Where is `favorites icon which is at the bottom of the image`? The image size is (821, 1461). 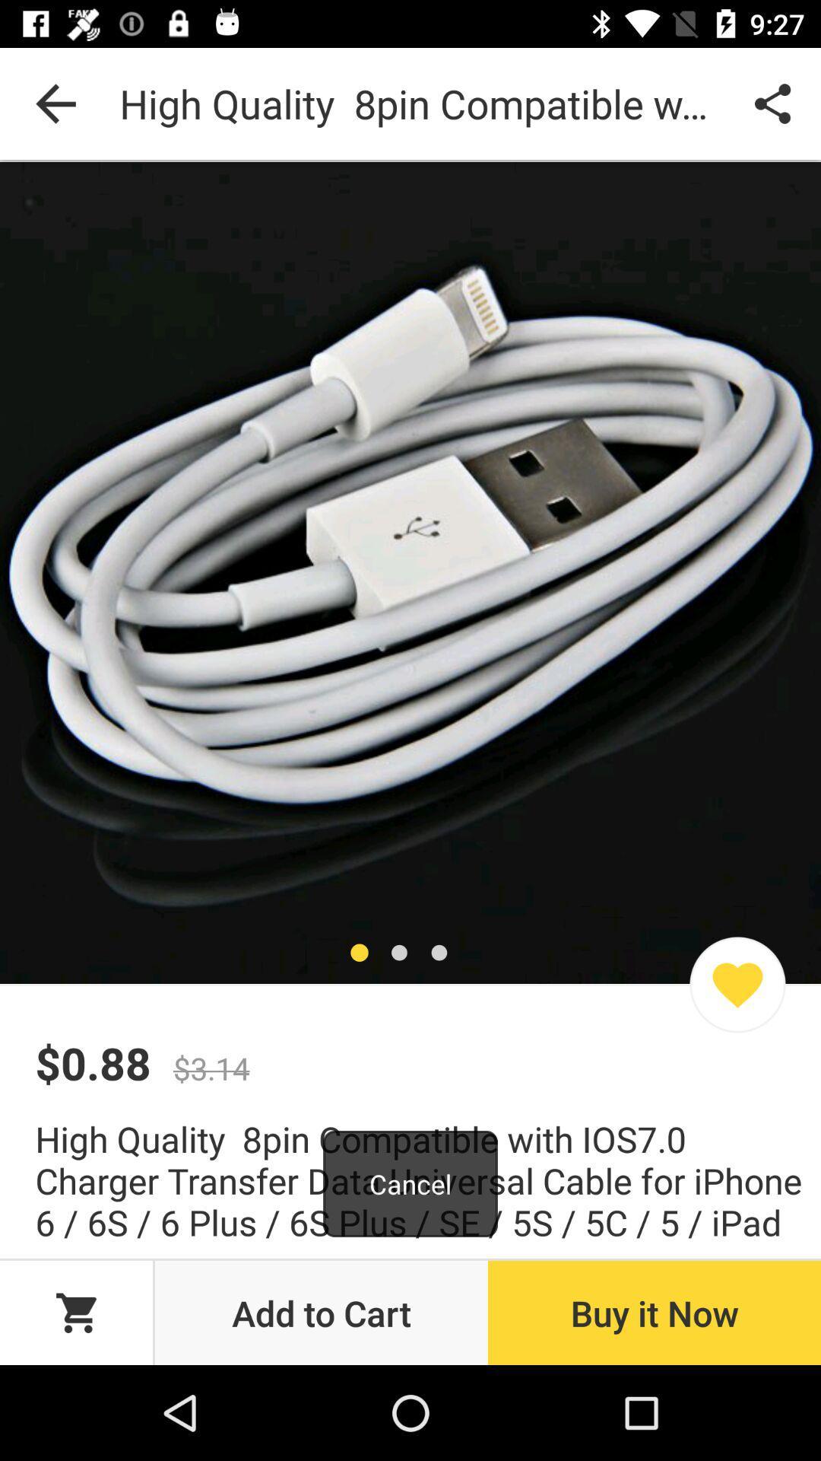
favorites icon which is at the bottom of the image is located at coordinates (737, 985).